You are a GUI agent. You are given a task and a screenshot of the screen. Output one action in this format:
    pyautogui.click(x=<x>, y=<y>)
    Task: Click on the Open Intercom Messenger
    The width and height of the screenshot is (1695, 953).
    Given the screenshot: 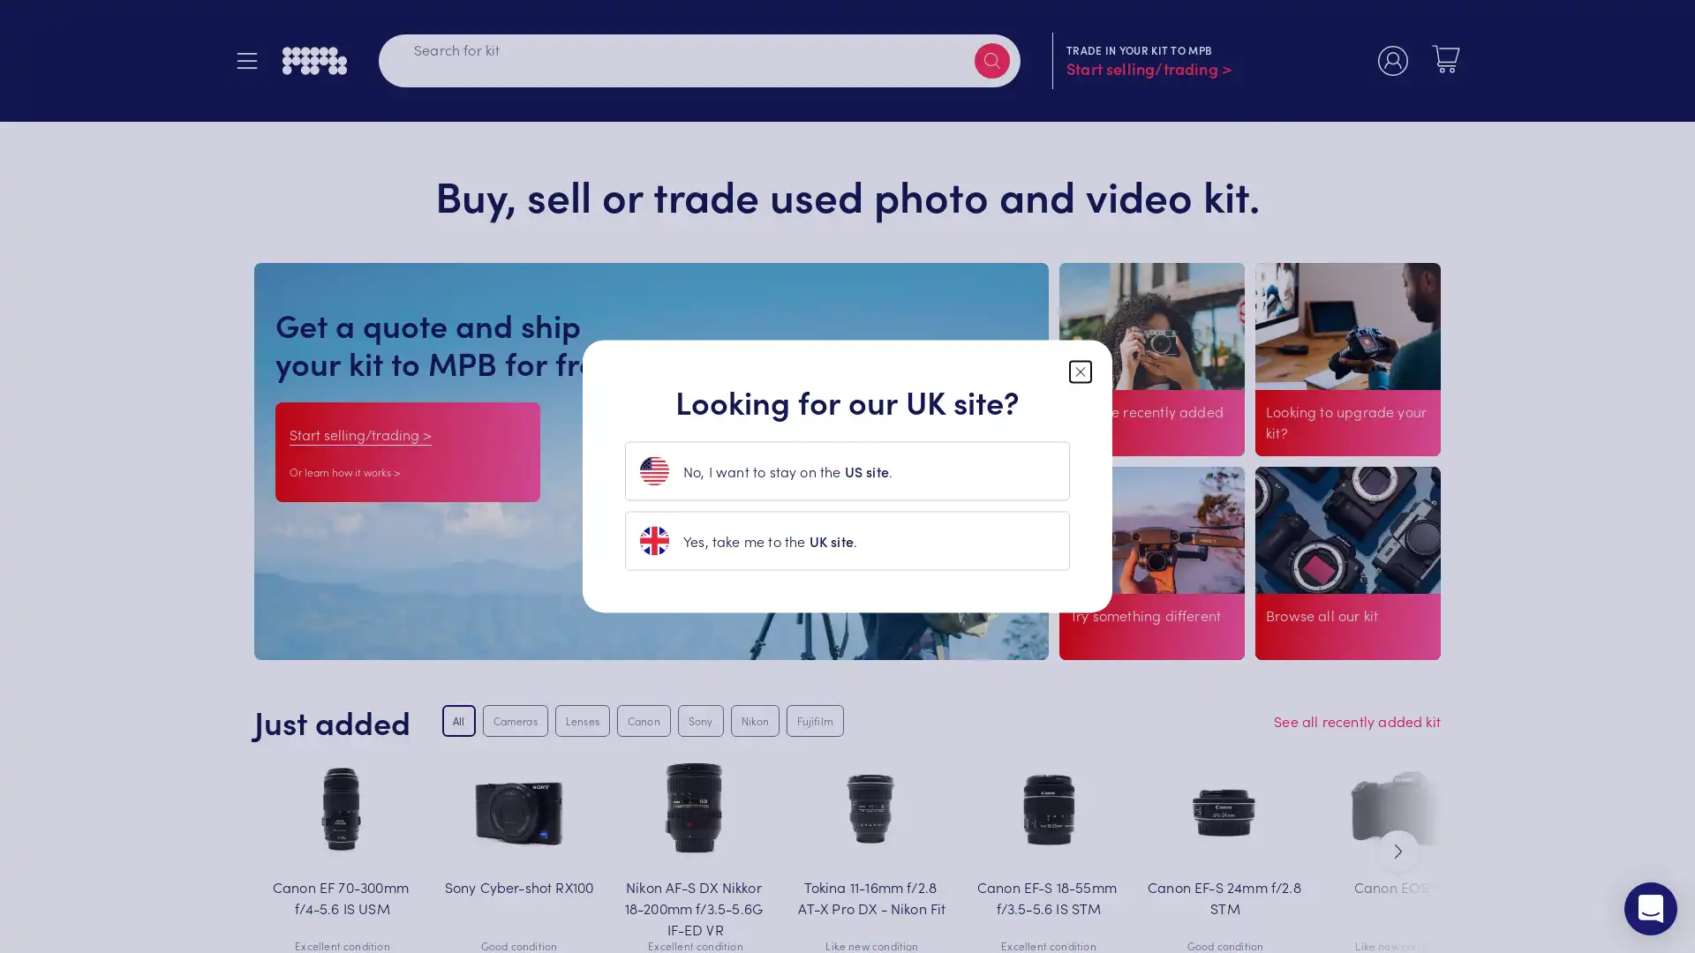 What is the action you would take?
    pyautogui.click(x=1650, y=908)
    